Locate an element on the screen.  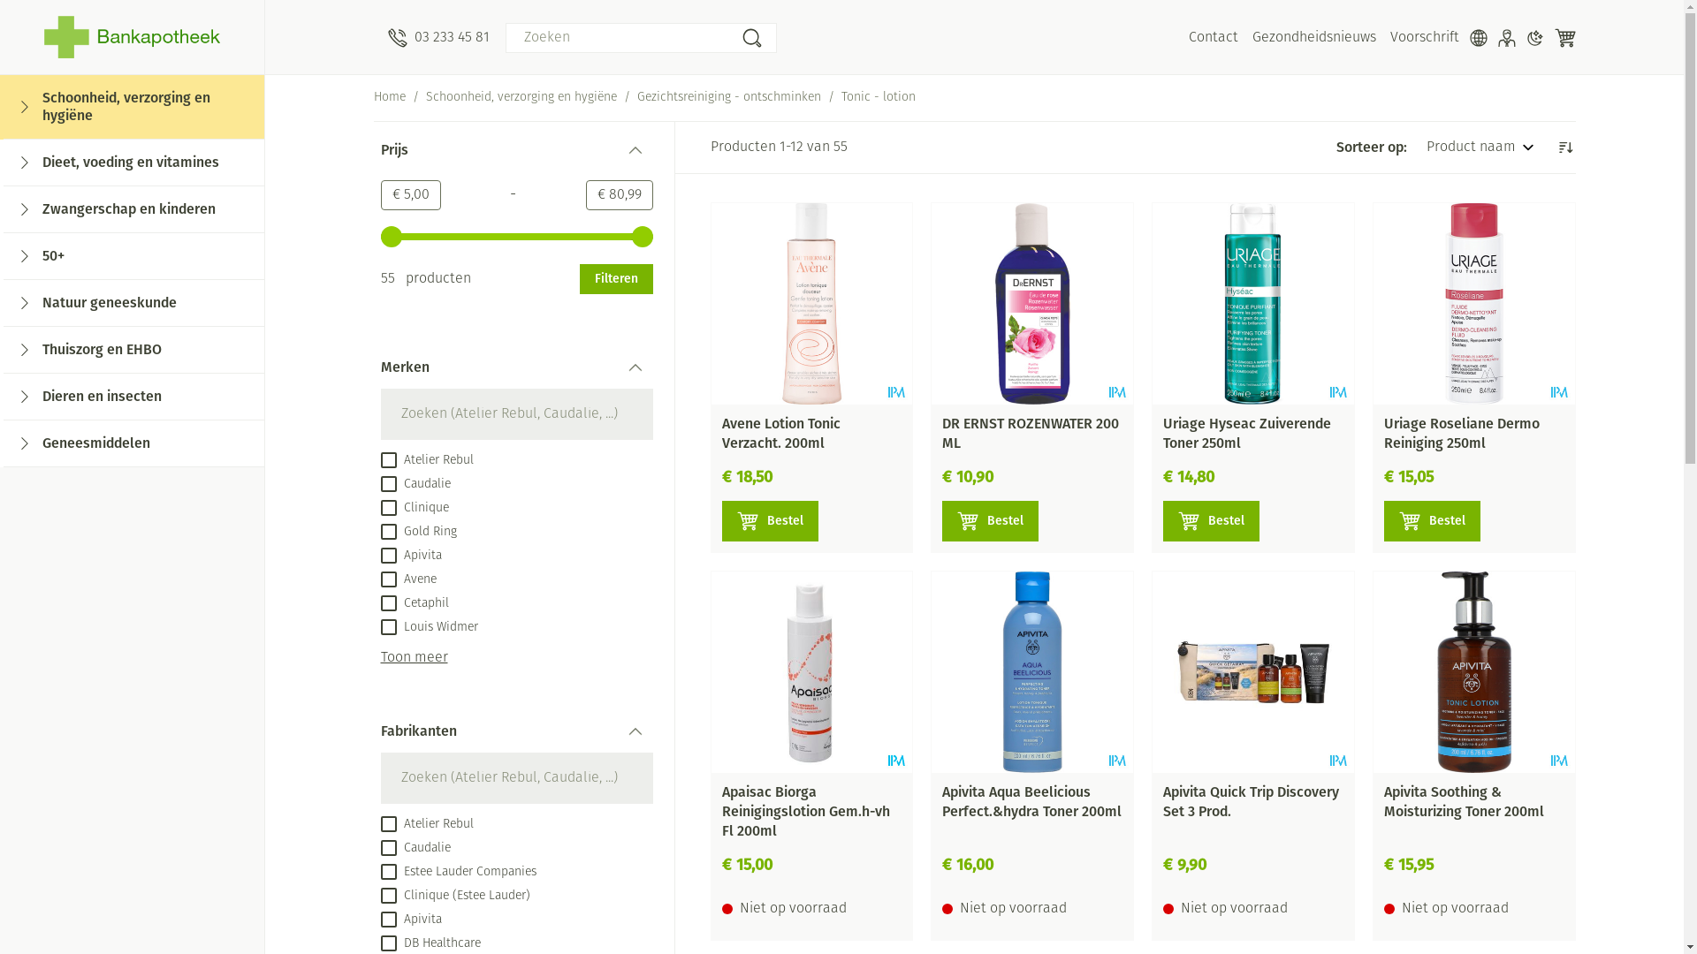
'Geneesmiddelen' is located at coordinates (133, 443).